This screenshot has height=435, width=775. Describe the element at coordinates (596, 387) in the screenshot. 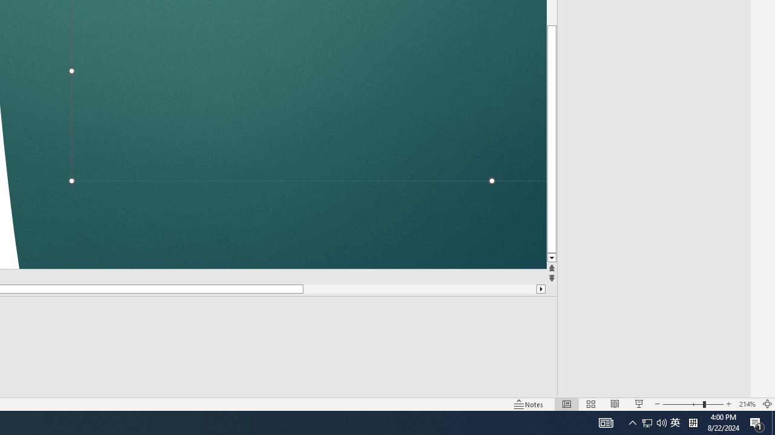

I see `'Web Layout'` at that location.